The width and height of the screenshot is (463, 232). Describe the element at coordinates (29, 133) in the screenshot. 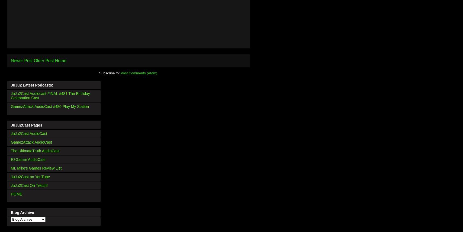

I see `'JuJu2Cast AudioCast'` at that location.